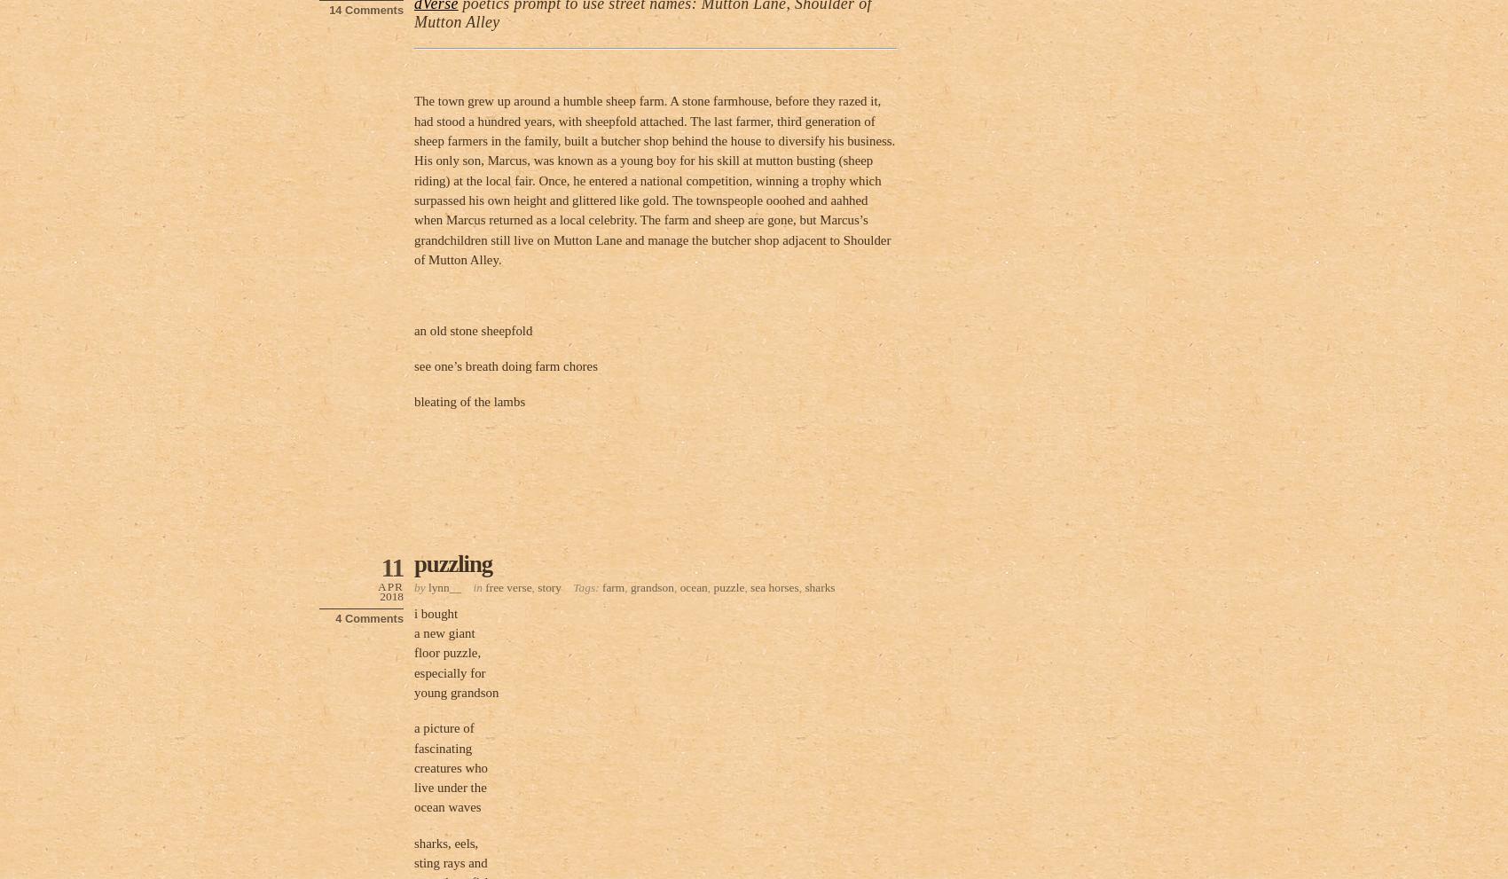 This screenshot has width=1508, height=879. What do you see at coordinates (456, 693) in the screenshot?
I see `'young grandson'` at bounding box center [456, 693].